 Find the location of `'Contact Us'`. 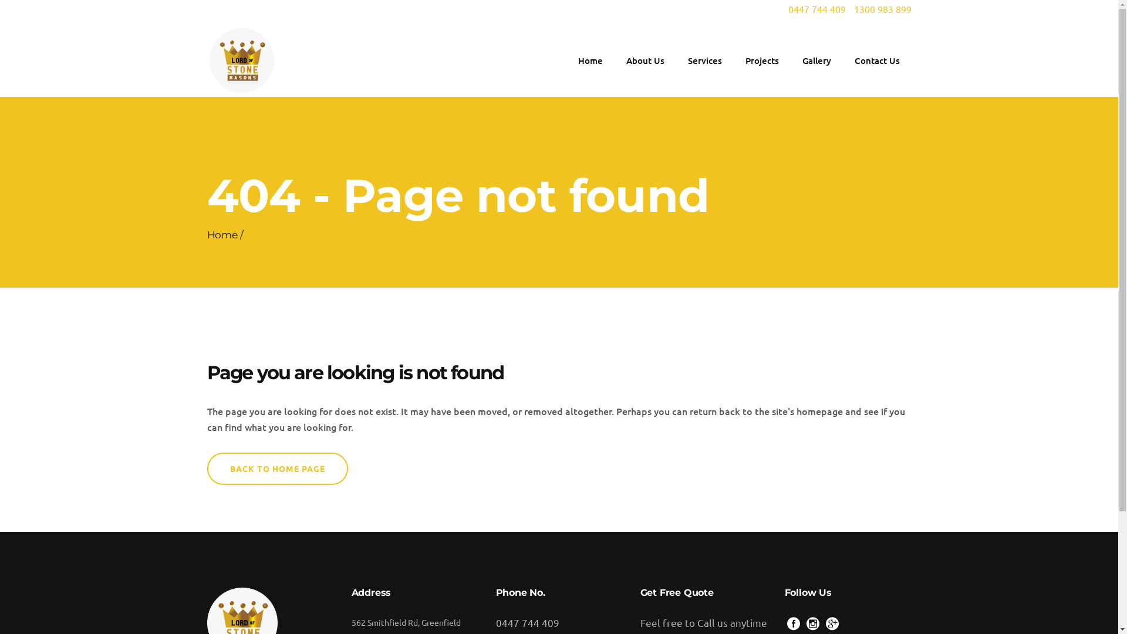

'Contact Us' is located at coordinates (842, 60).